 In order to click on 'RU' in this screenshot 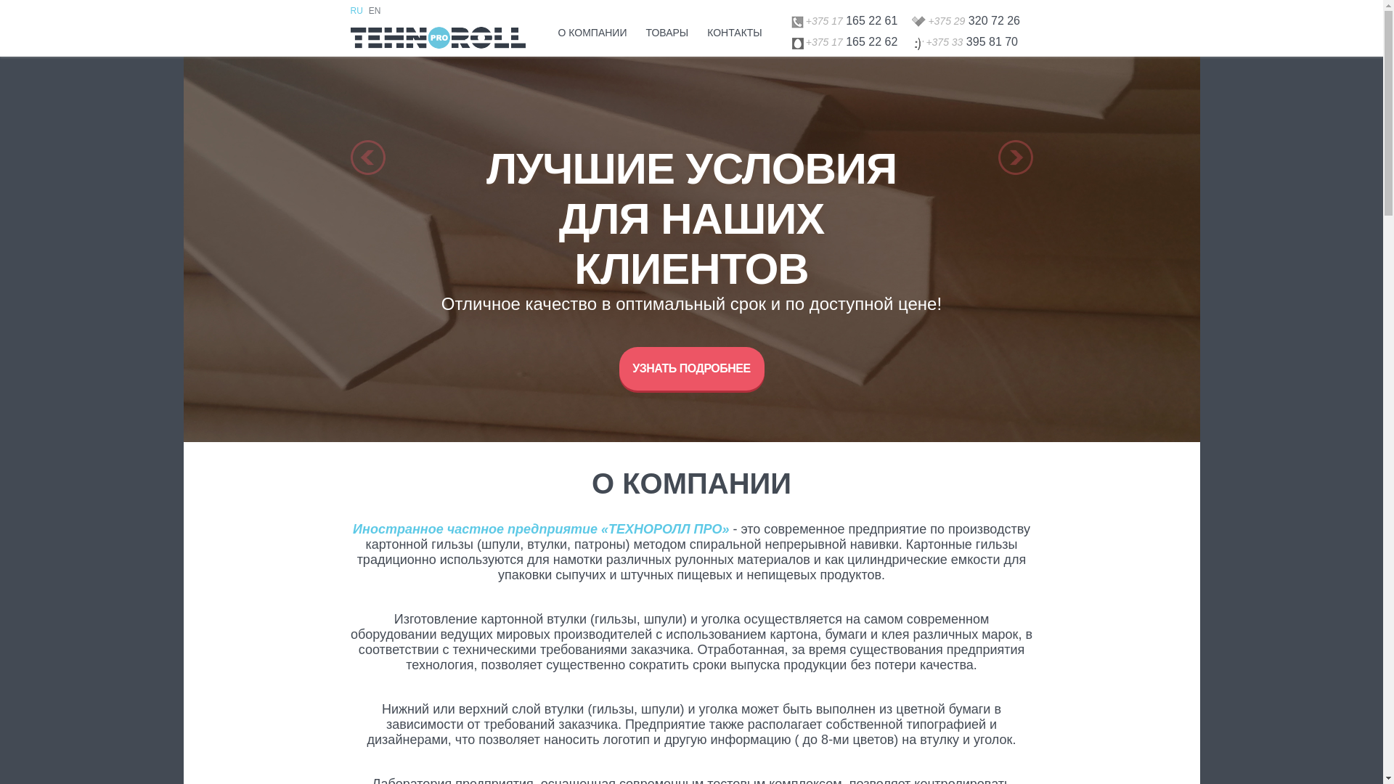, I will do `click(356, 11)`.